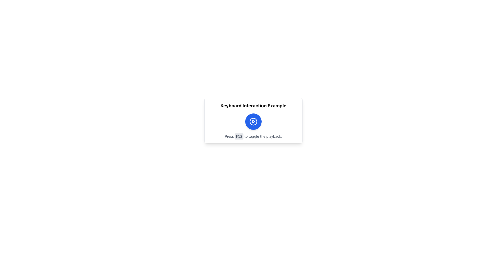 The image size is (491, 276). Describe the element at coordinates (253, 121) in the screenshot. I see `the play/start button located beneath the title 'Keyboard Interaction Example' and above the text 'Press F12 to toggle the playback.'` at that location.